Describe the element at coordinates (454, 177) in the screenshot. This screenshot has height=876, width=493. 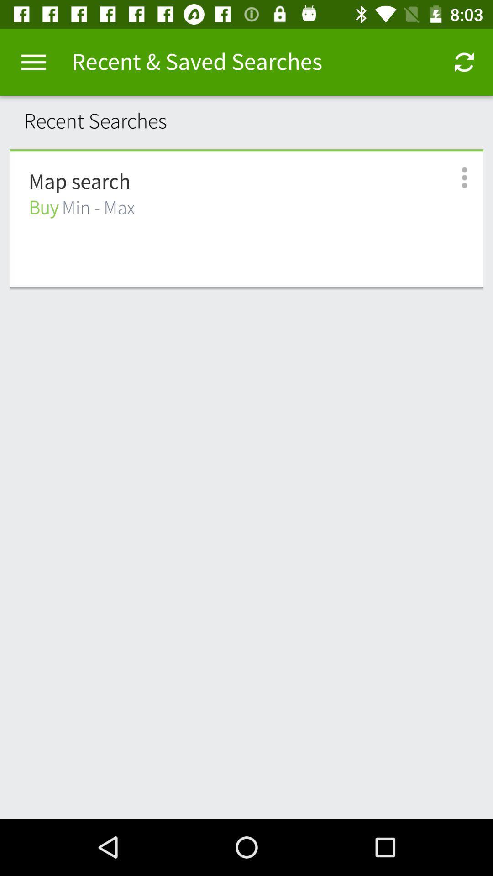
I see `see menu` at that location.